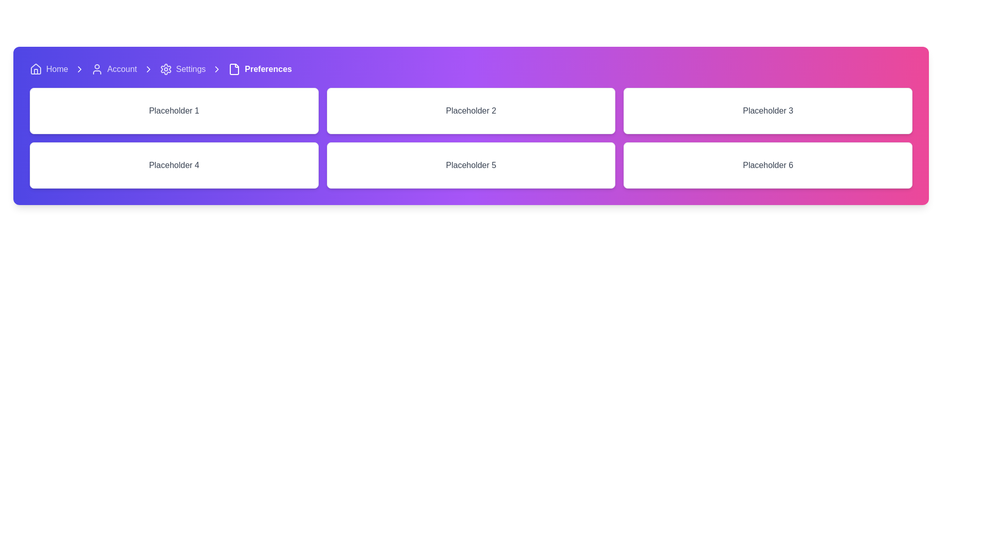  What do you see at coordinates (216, 69) in the screenshot?
I see `right-pointing chevron icon in the breadcrumb navigation interface, which separates 'Settings' and 'Preferences'` at bounding box center [216, 69].